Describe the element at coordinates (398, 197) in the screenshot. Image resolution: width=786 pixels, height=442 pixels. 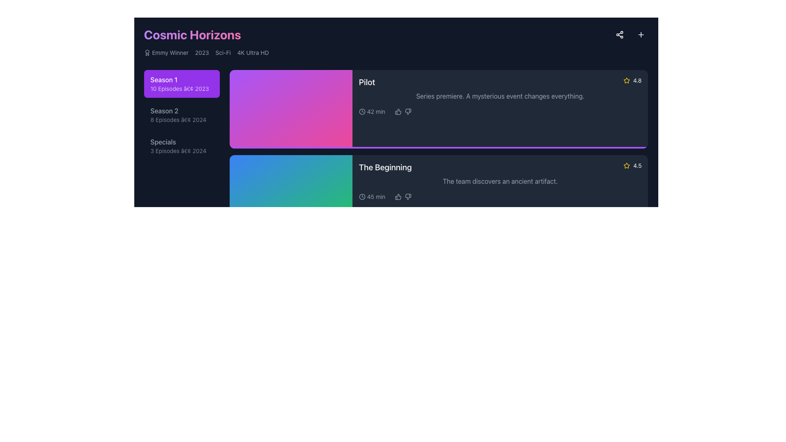
I see `the thumbs-up icon, which is a minimalistic monochrome vector icon of a hand giving a thumbs-up gesture` at that location.